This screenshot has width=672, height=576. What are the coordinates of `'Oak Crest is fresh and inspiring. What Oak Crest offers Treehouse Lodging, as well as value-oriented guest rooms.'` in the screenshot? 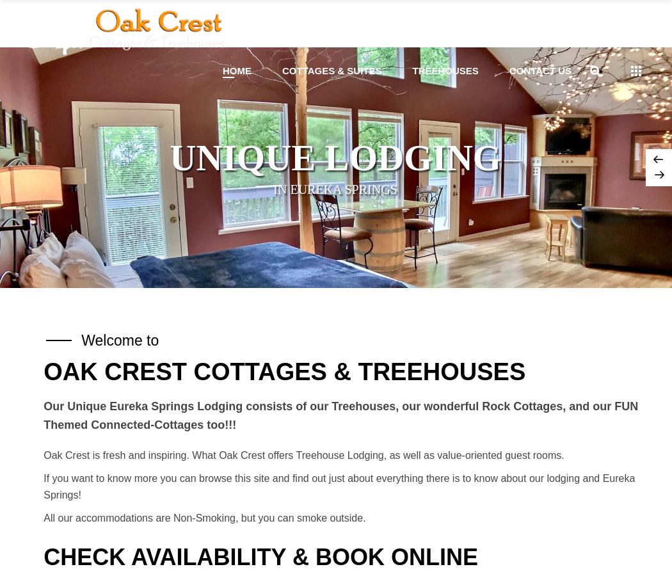 It's located at (303, 454).